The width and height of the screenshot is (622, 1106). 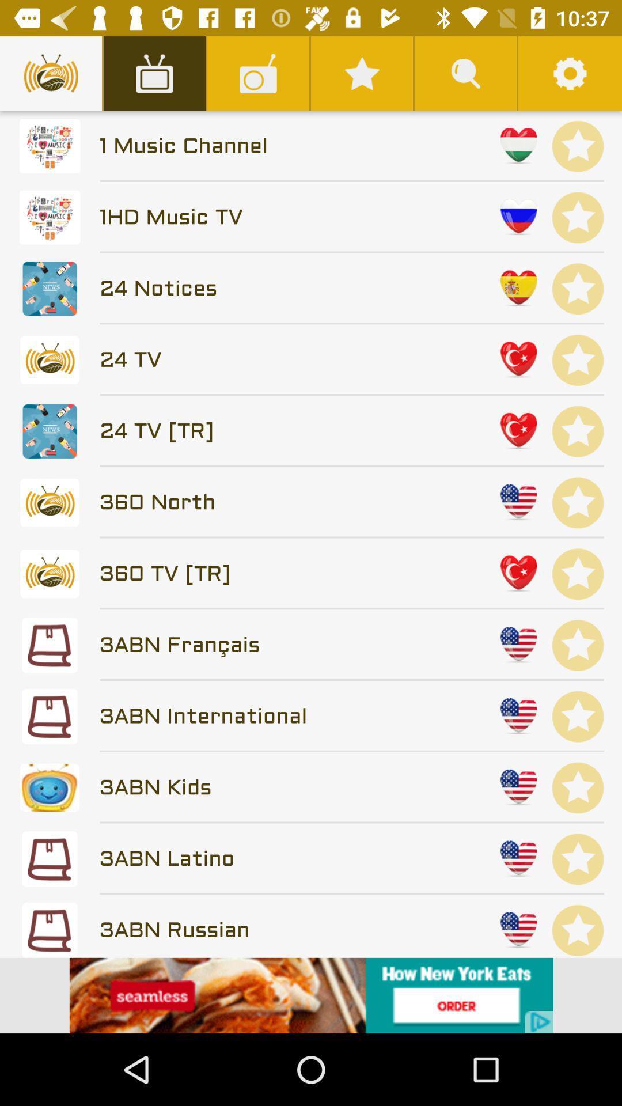 What do you see at coordinates (311, 995) in the screenshot?
I see `clickable advertisement` at bounding box center [311, 995].